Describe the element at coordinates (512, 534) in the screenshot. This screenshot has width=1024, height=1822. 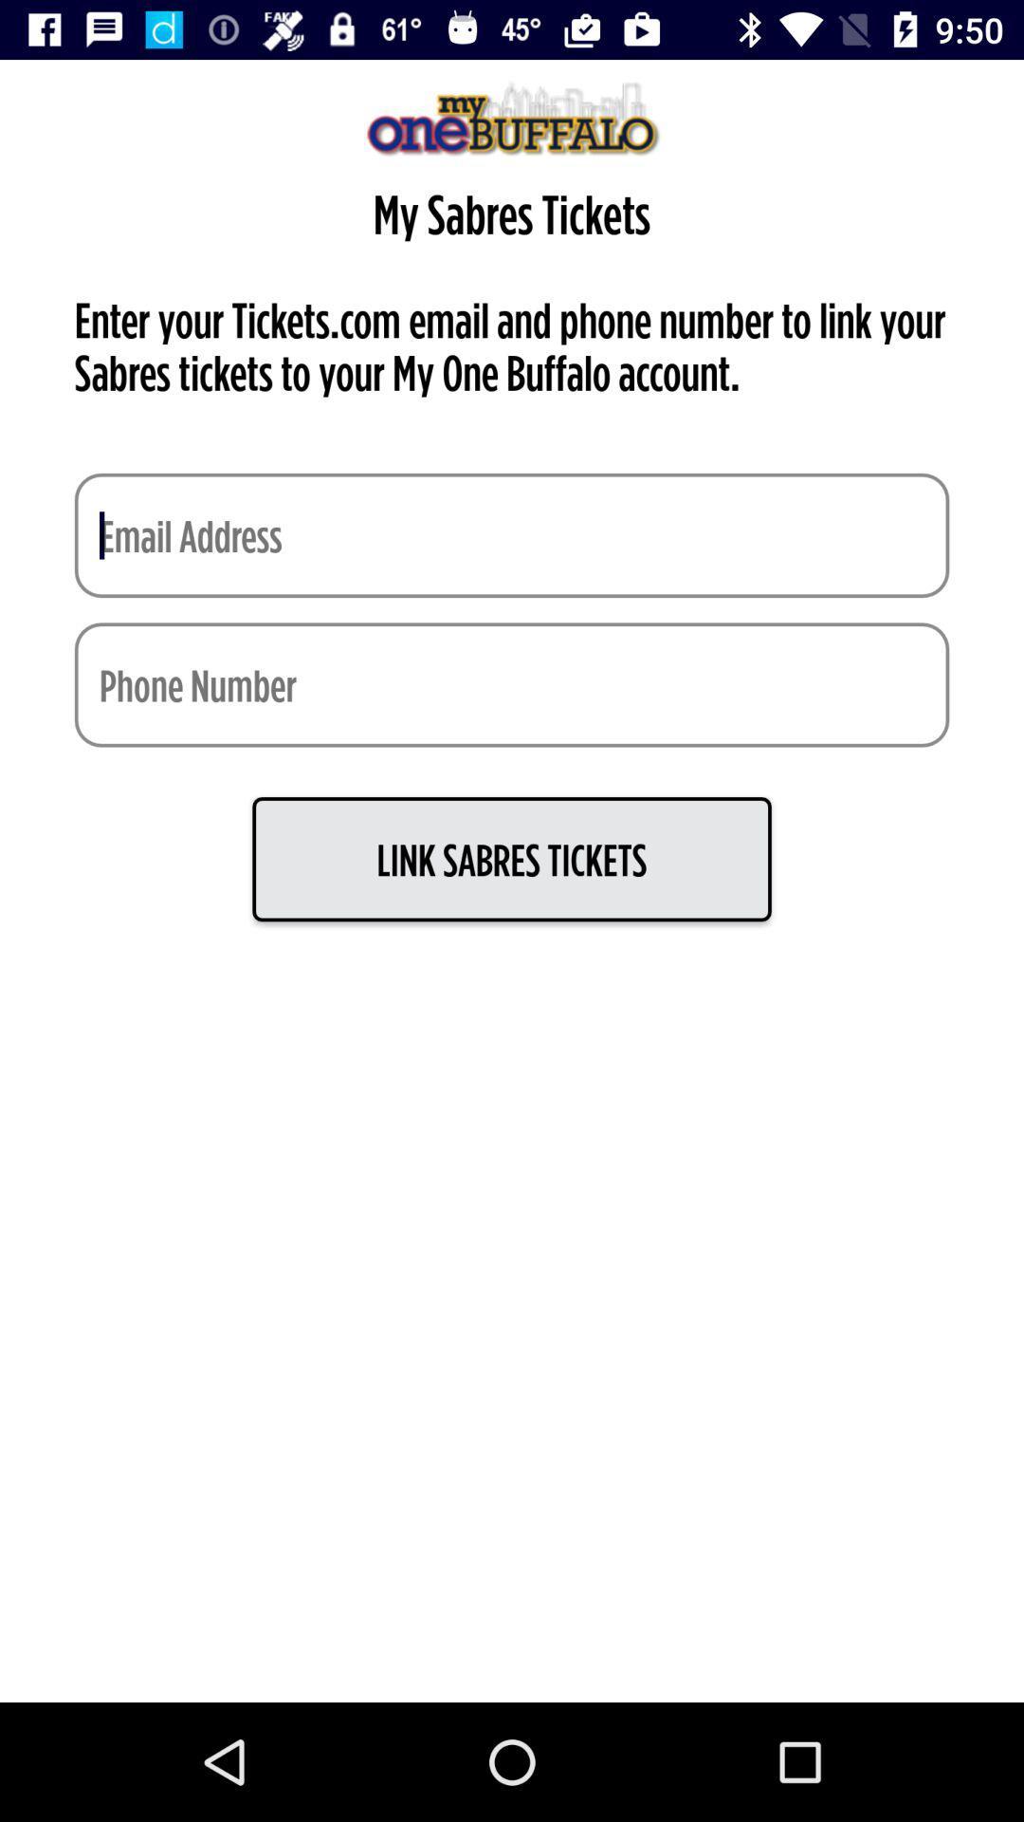
I see `type email address` at that location.